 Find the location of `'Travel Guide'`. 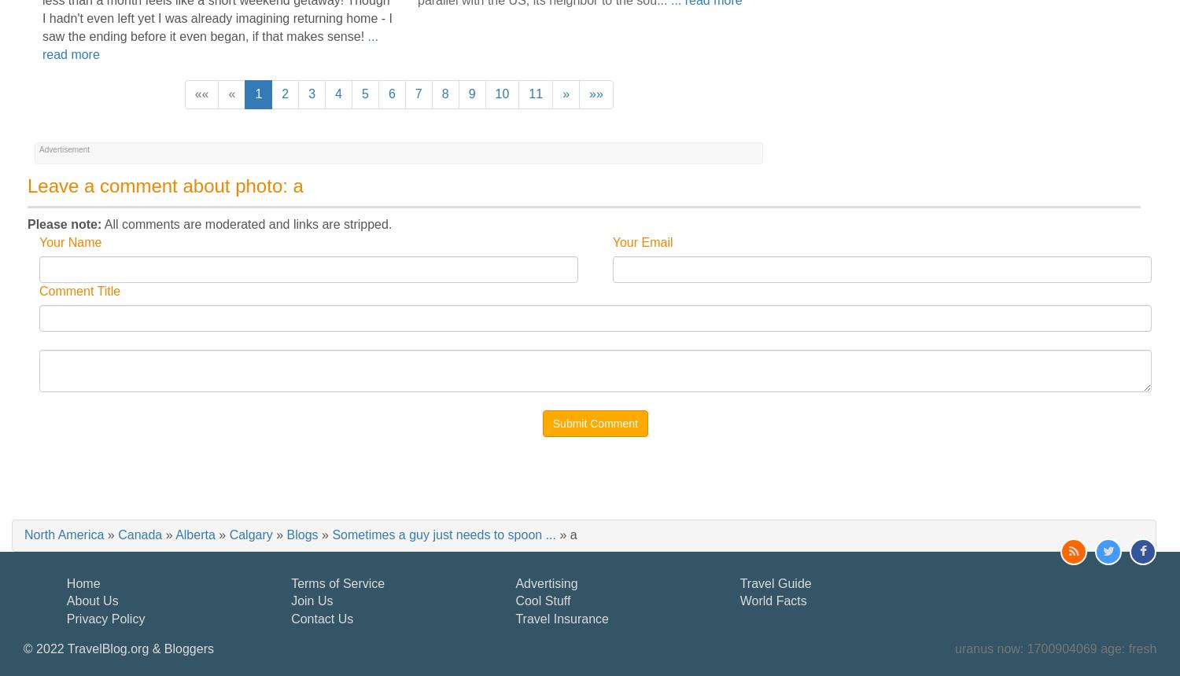

'Travel Guide' is located at coordinates (739, 582).